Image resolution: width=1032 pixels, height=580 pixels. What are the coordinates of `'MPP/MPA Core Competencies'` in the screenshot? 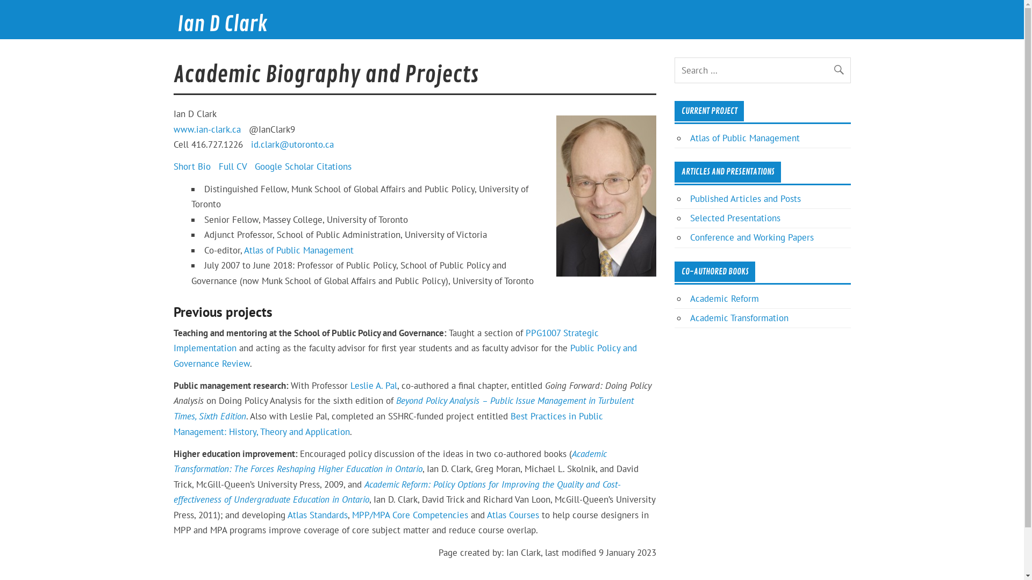 It's located at (351, 514).